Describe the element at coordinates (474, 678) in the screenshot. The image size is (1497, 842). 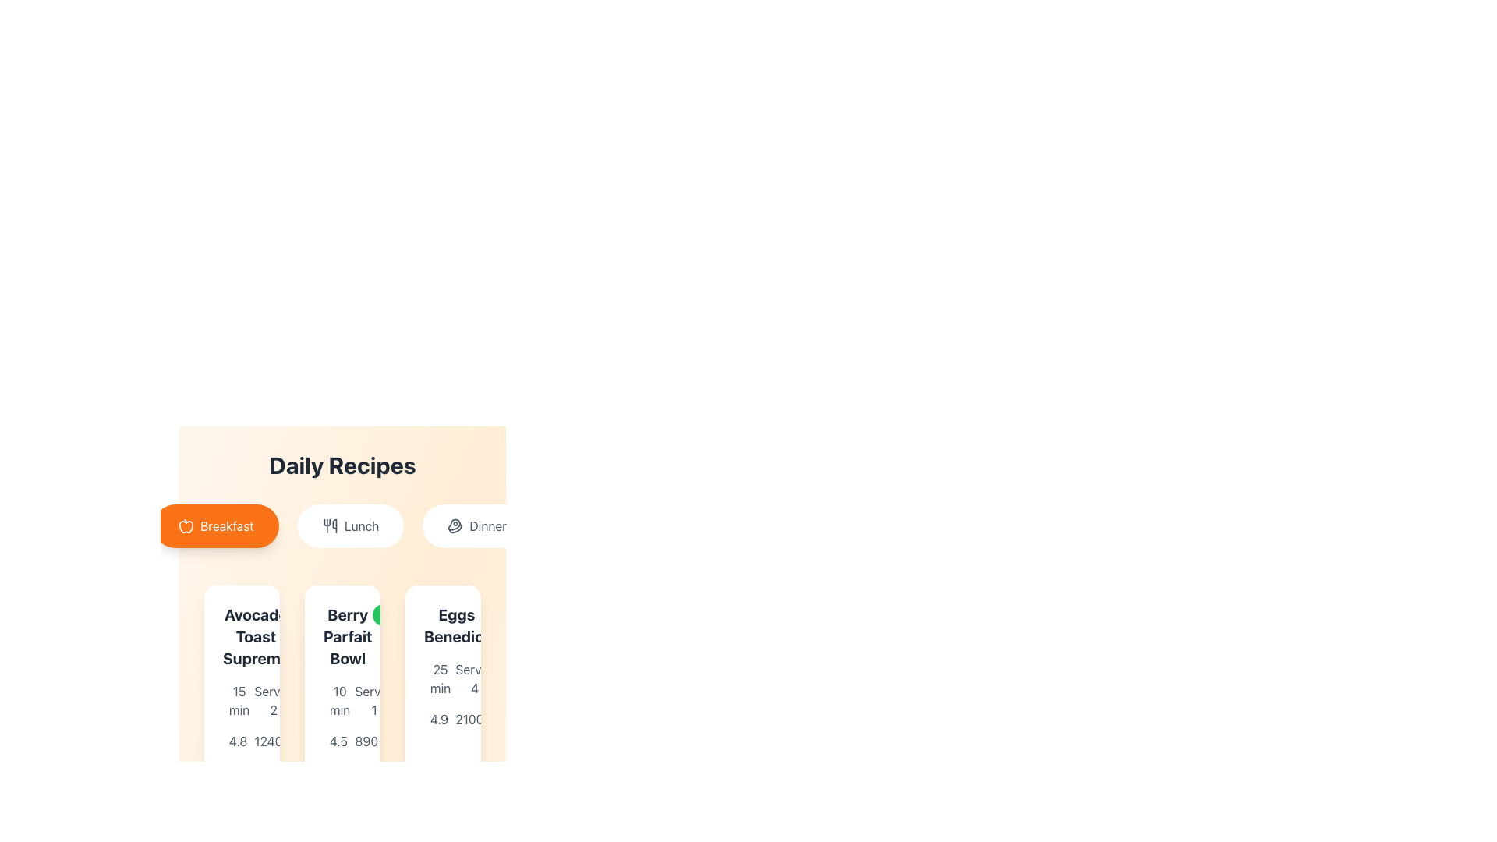
I see `the text label displaying 'Serves 4' located under the 'Eggs Benedict' card in the 'Daily Recipes' section` at that location.